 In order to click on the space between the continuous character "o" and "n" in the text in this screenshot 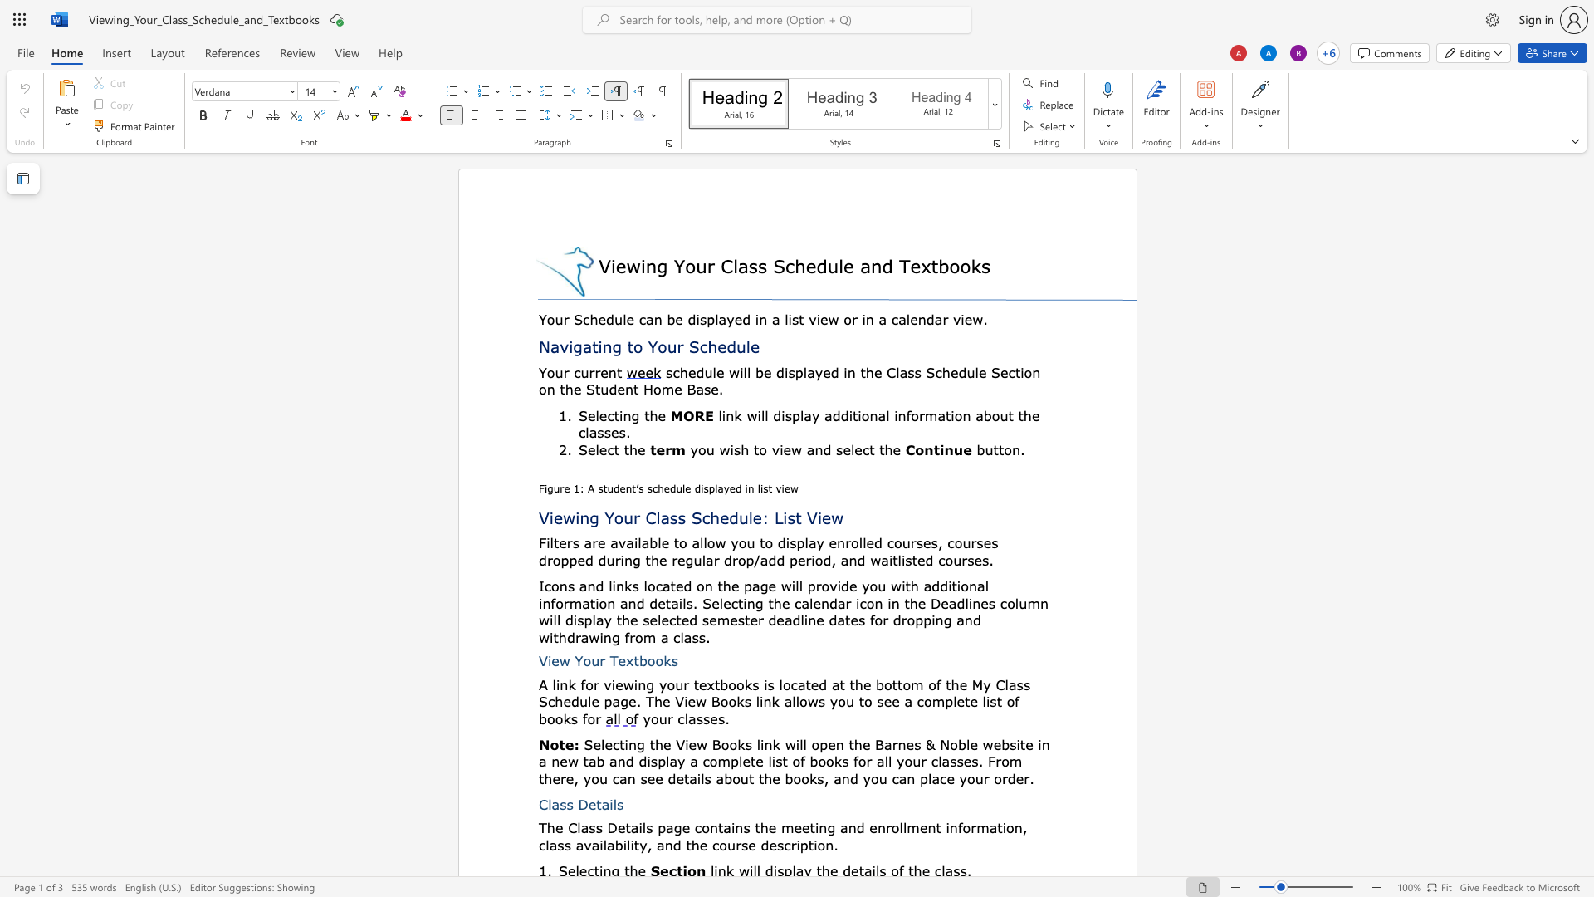, I will do `click(868, 414)`.